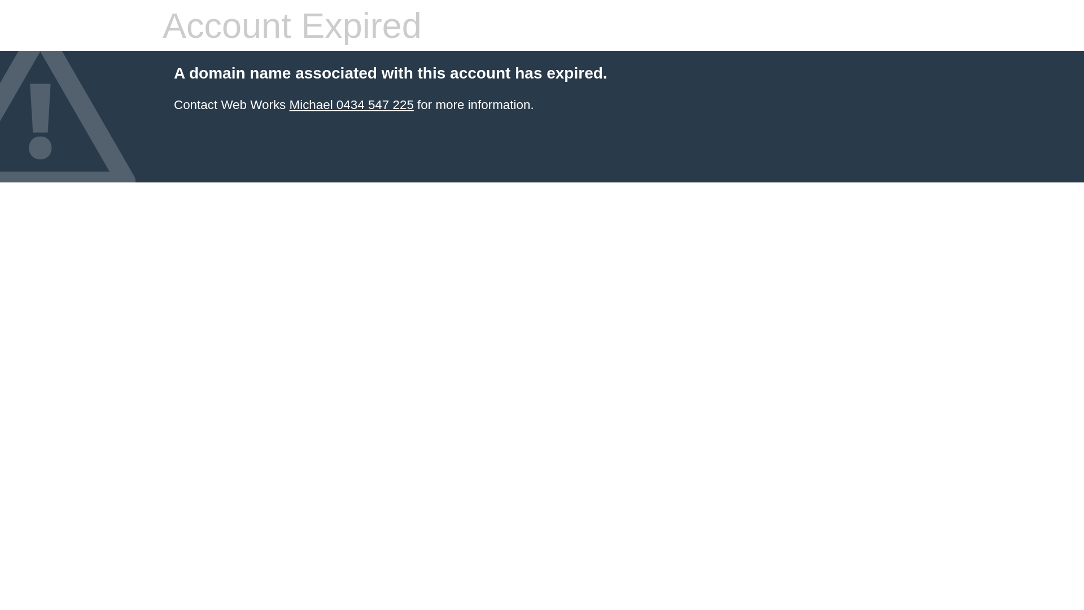  What do you see at coordinates (351, 104) in the screenshot?
I see `'Michael 0434 547 225'` at bounding box center [351, 104].